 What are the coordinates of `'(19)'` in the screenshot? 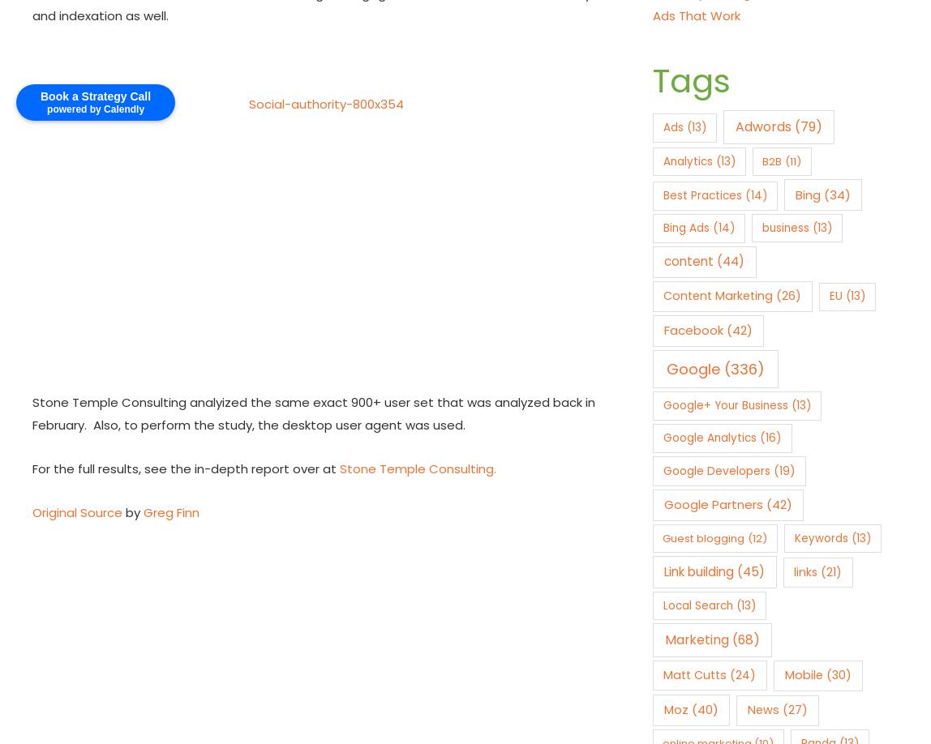 It's located at (783, 468).